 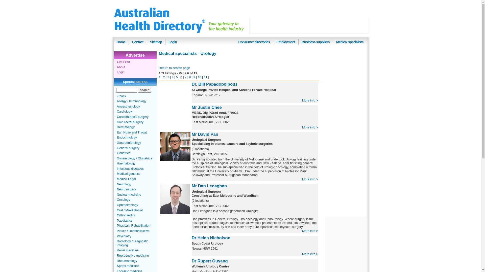 I want to click on 'Endocrinology', so click(x=116, y=138).